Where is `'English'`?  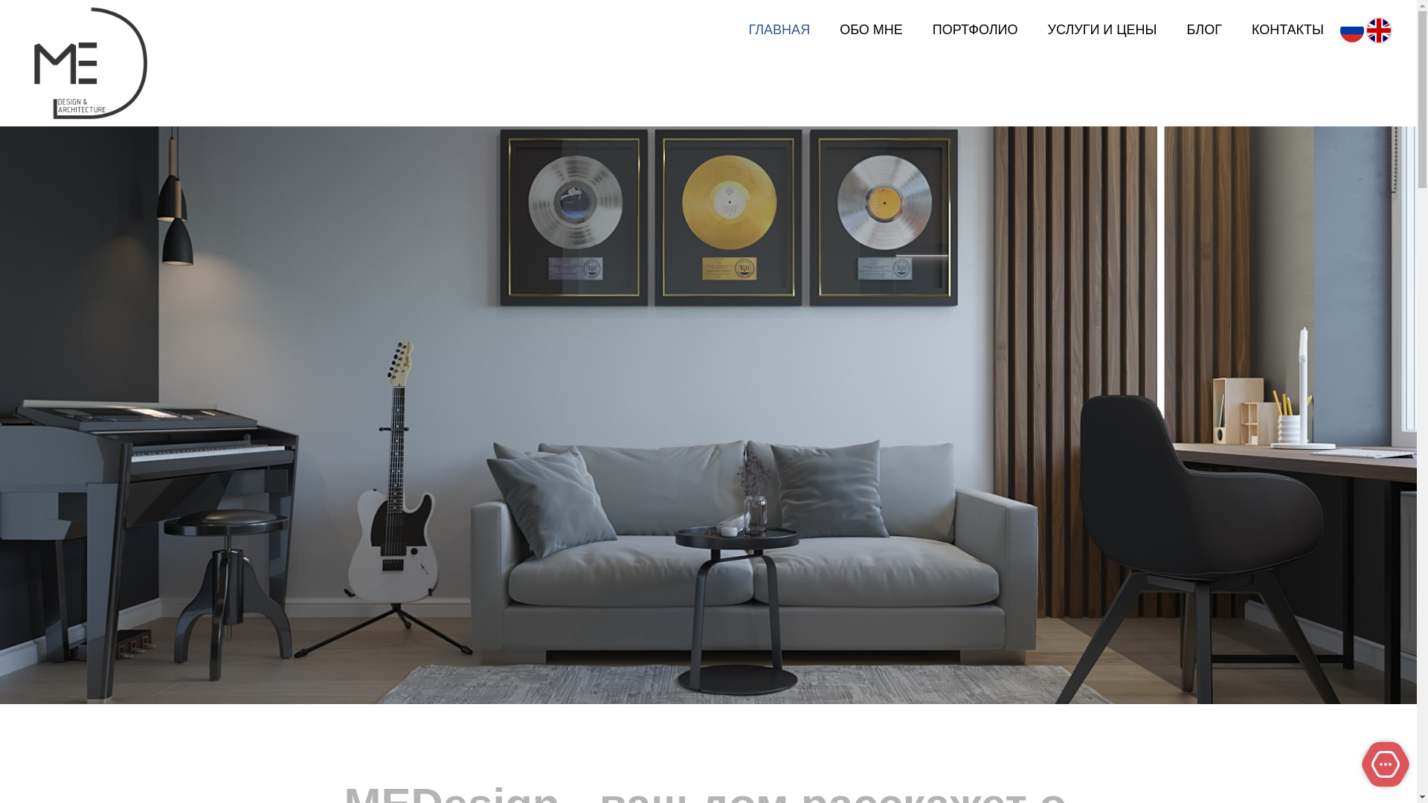
'English' is located at coordinates (1377, 30).